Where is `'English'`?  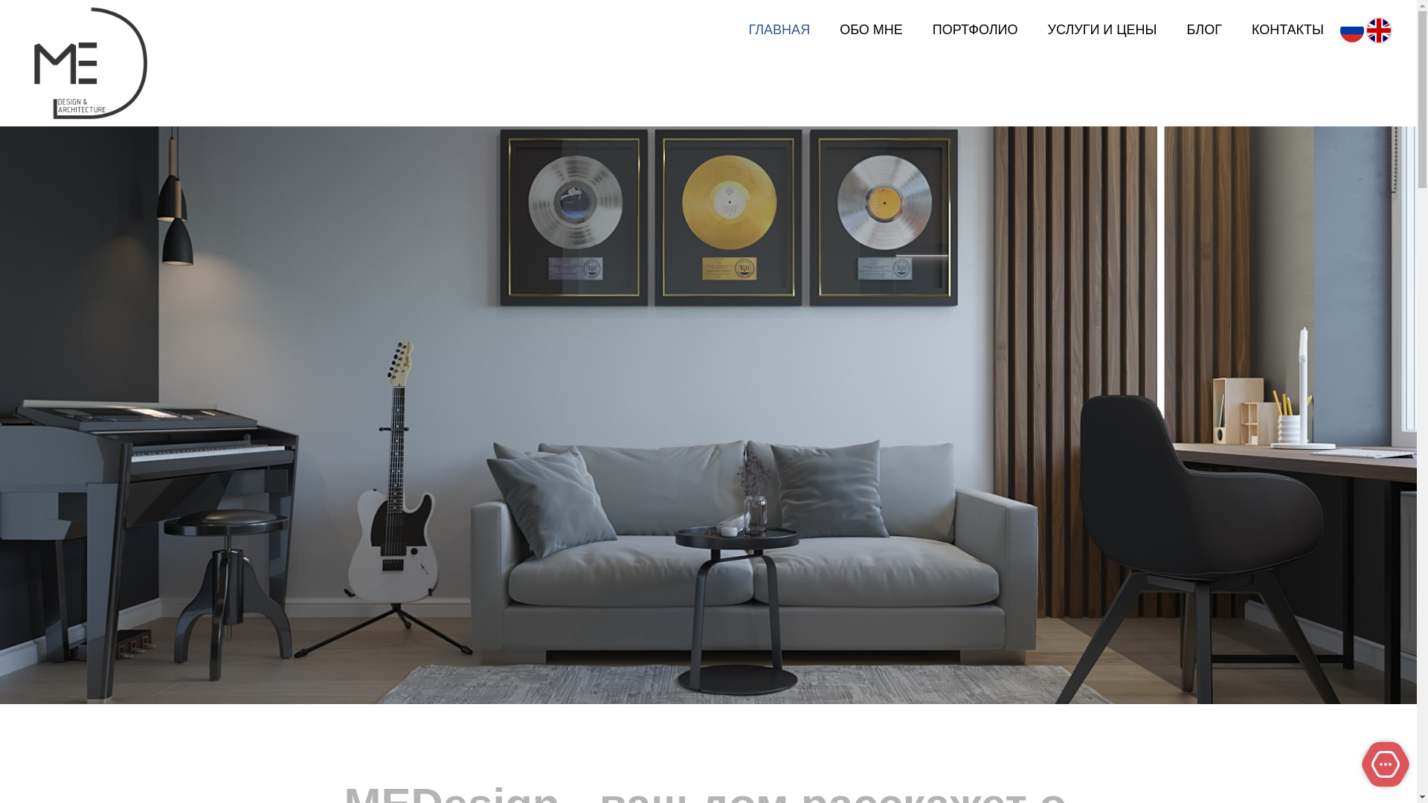
'English' is located at coordinates (1377, 30).